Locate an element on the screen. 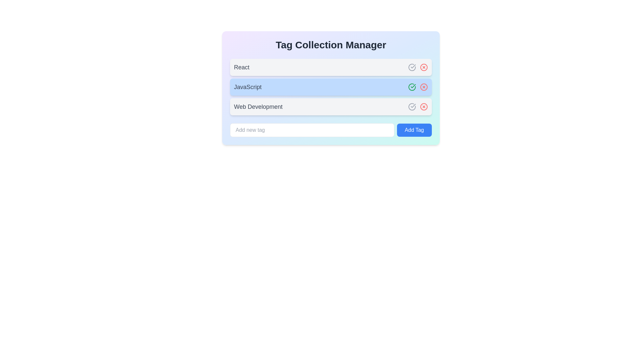  the interactive SVG-based circular checkmark icon located to the right of the 'Web Development' tag to confirm or mark it as complete is located at coordinates (411, 106).